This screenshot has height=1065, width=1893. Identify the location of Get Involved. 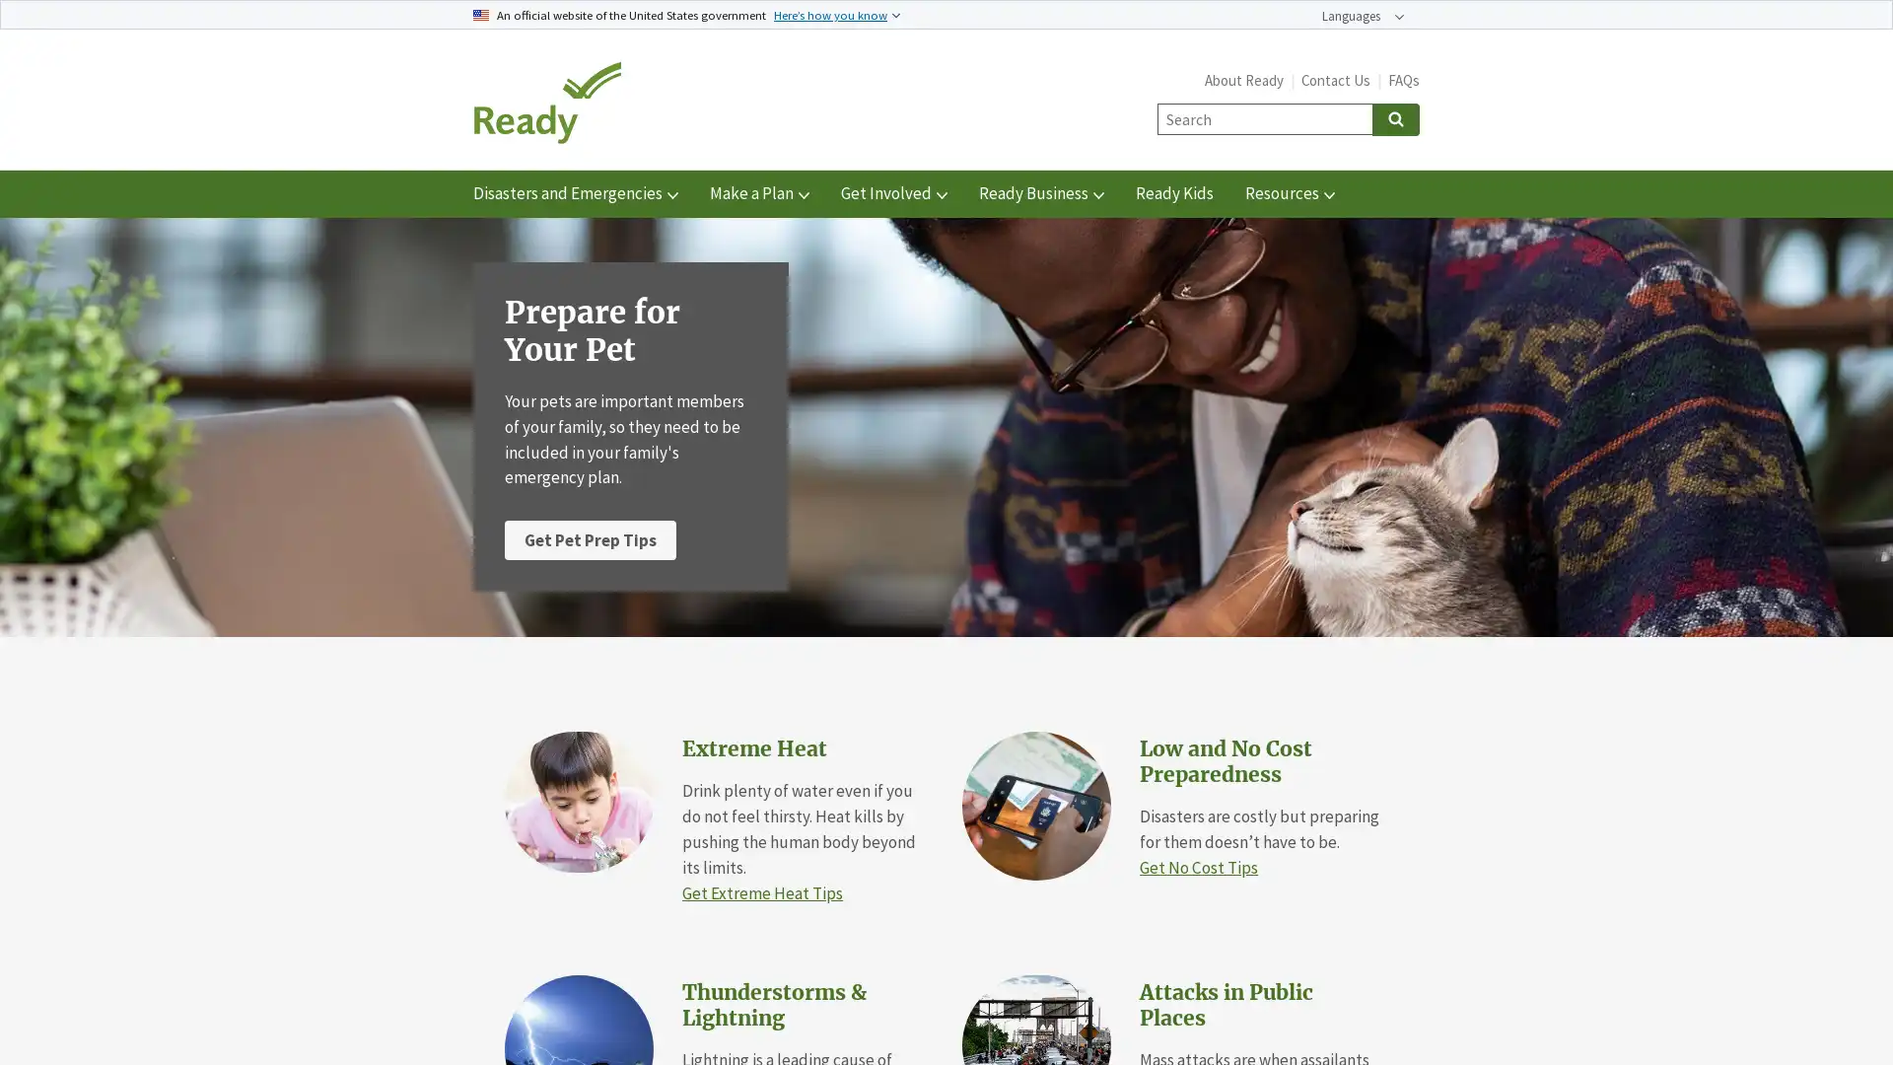
(893, 193).